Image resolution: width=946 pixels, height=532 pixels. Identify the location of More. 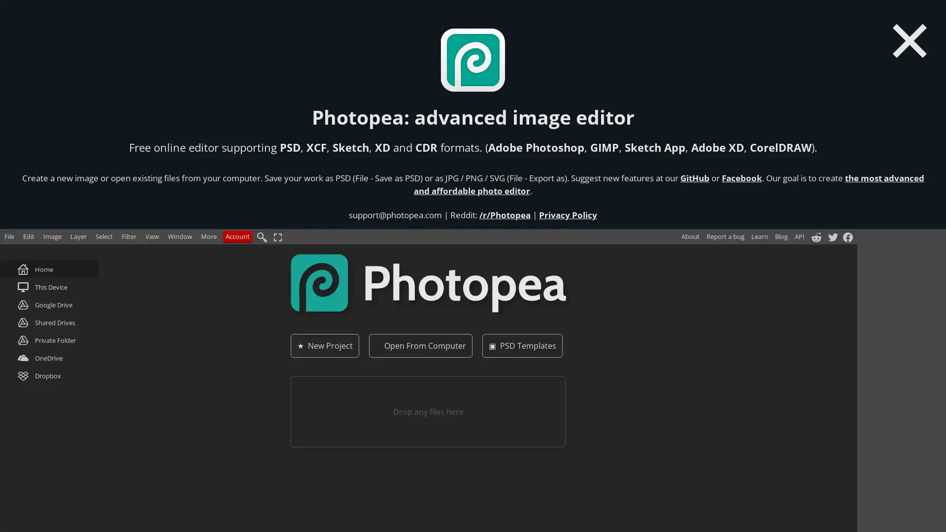
(208, 7).